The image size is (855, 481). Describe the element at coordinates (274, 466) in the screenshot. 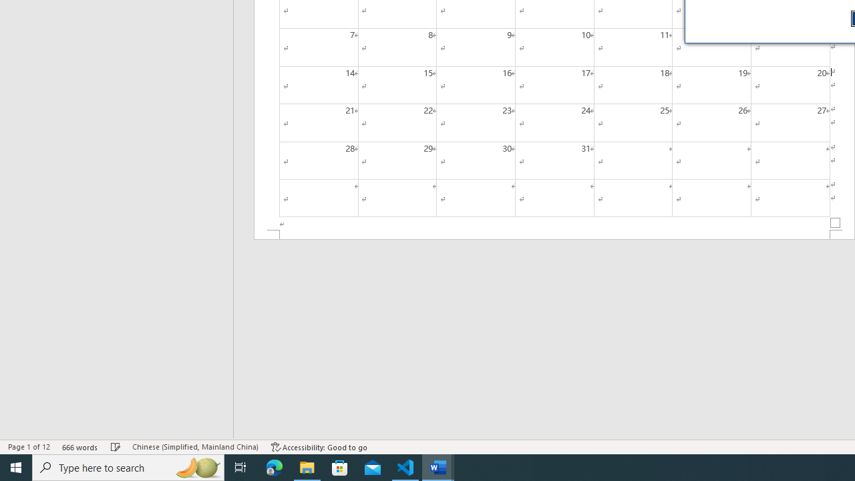

I see `'Microsoft Edge'` at that location.